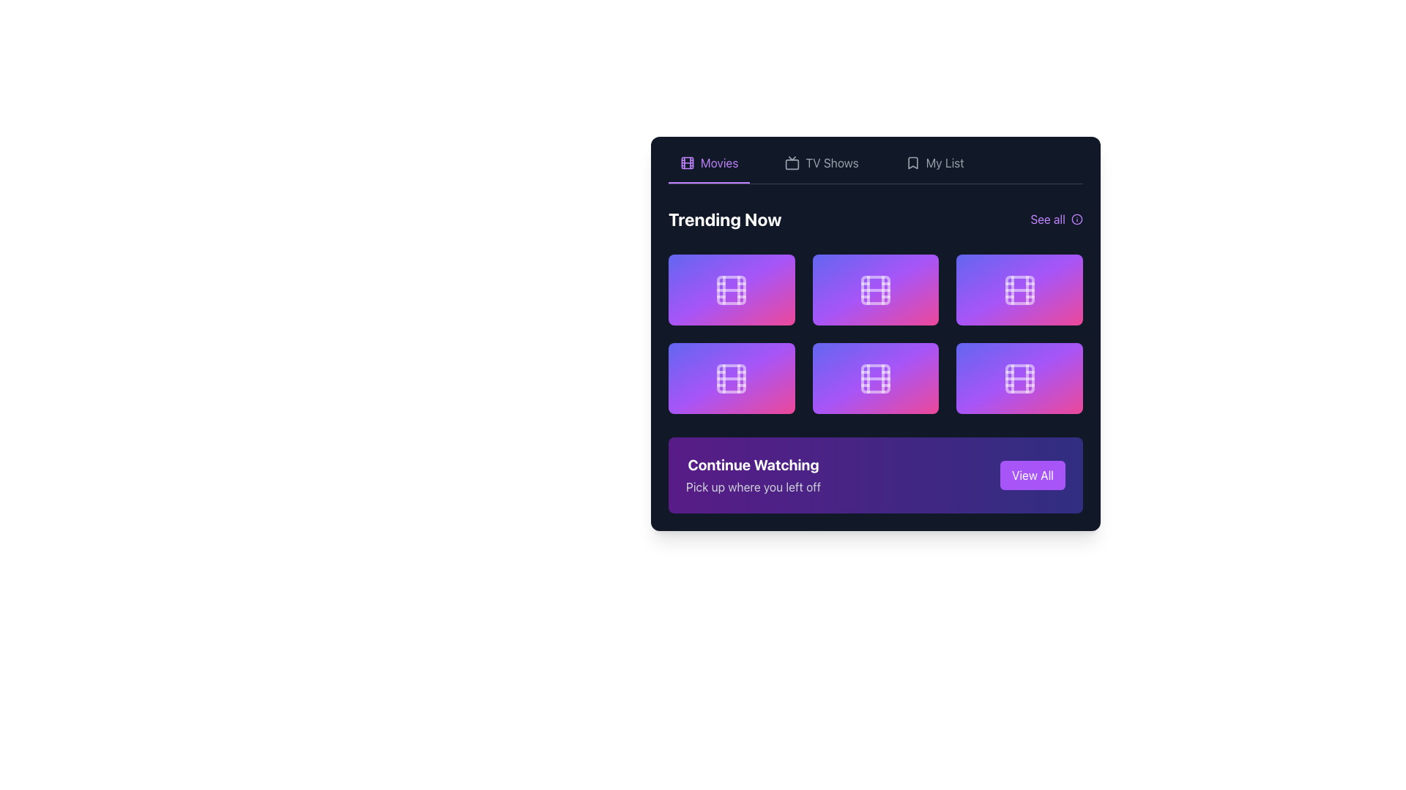 Image resolution: width=1406 pixels, height=790 pixels. Describe the element at coordinates (732, 290) in the screenshot. I see `the first selectable tile located in the top-left corner of the 3x2 grid layout under the 'Trending Now' heading` at that location.